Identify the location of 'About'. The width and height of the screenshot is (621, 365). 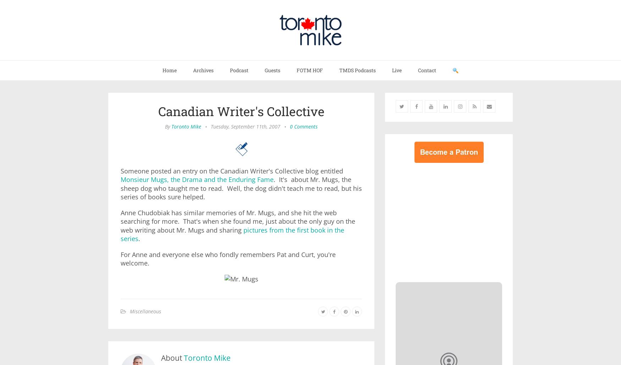
(161, 357).